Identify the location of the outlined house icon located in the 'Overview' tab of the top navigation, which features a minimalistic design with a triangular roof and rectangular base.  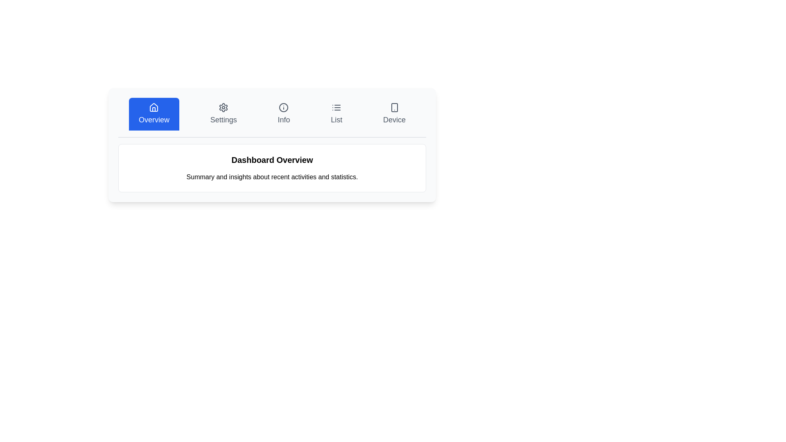
(154, 107).